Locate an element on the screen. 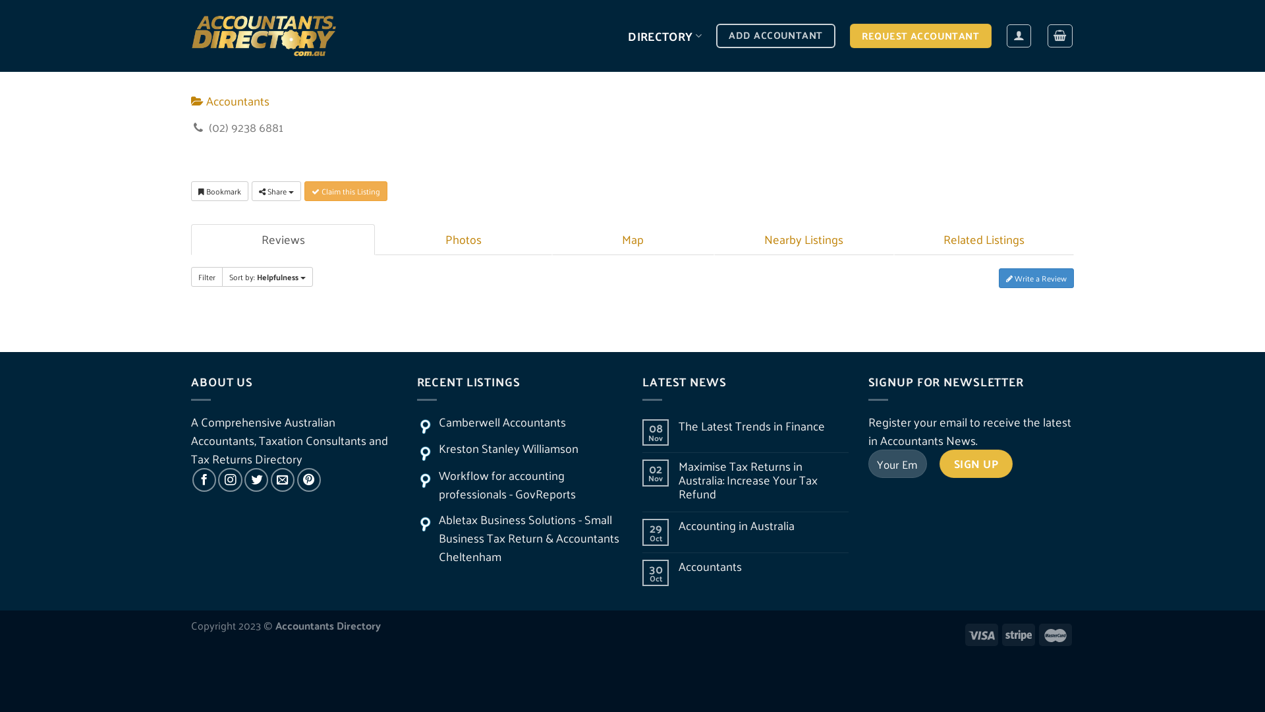  'Photos' is located at coordinates (463, 239).